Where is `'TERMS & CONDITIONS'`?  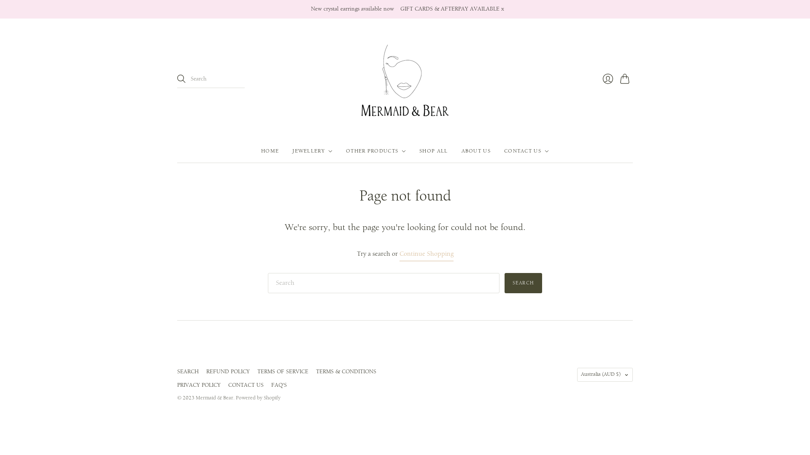 'TERMS & CONDITIONS' is located at coordinates (346, 371).